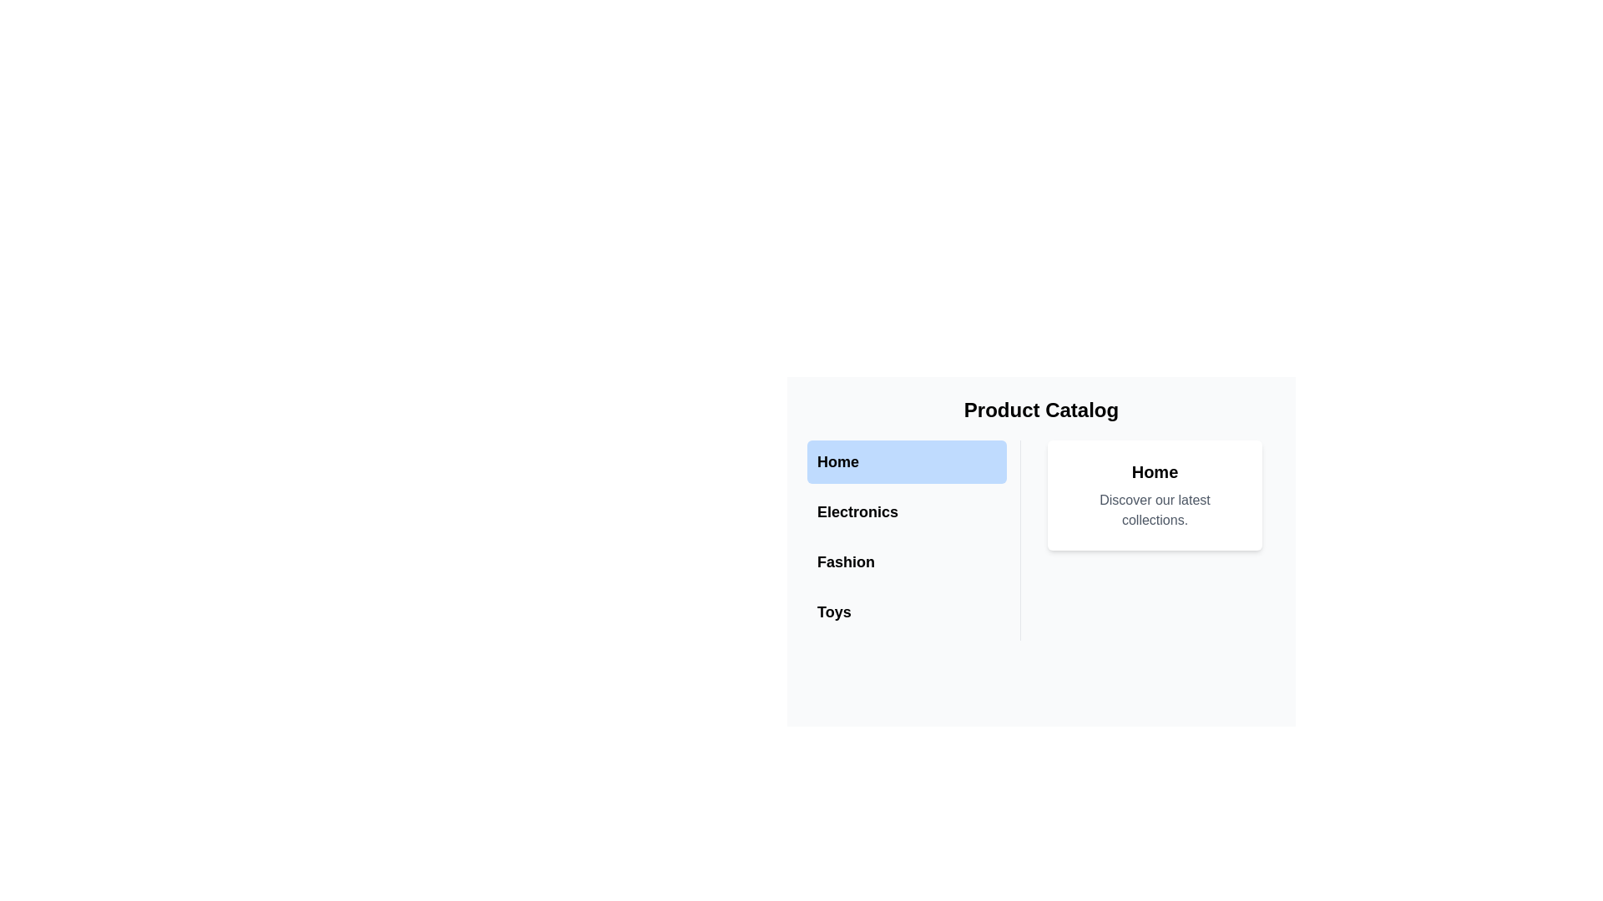 The width and height of the screenshot is (1603, 901). Describe the element at coordinates (1040, 410) in the screenshot. I see `text content of the bold, large-text title labeled 'Product Catalog', which is centered at the top of the interface and prominently displayed above the navigation links` at that location.